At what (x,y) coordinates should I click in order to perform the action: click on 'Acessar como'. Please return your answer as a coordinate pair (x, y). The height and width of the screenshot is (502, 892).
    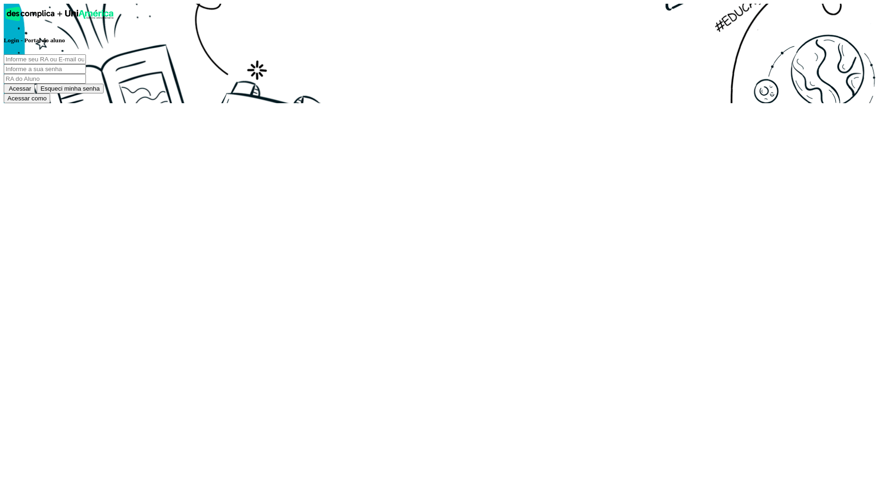
    Looking at the image, I should click on (26, 98).